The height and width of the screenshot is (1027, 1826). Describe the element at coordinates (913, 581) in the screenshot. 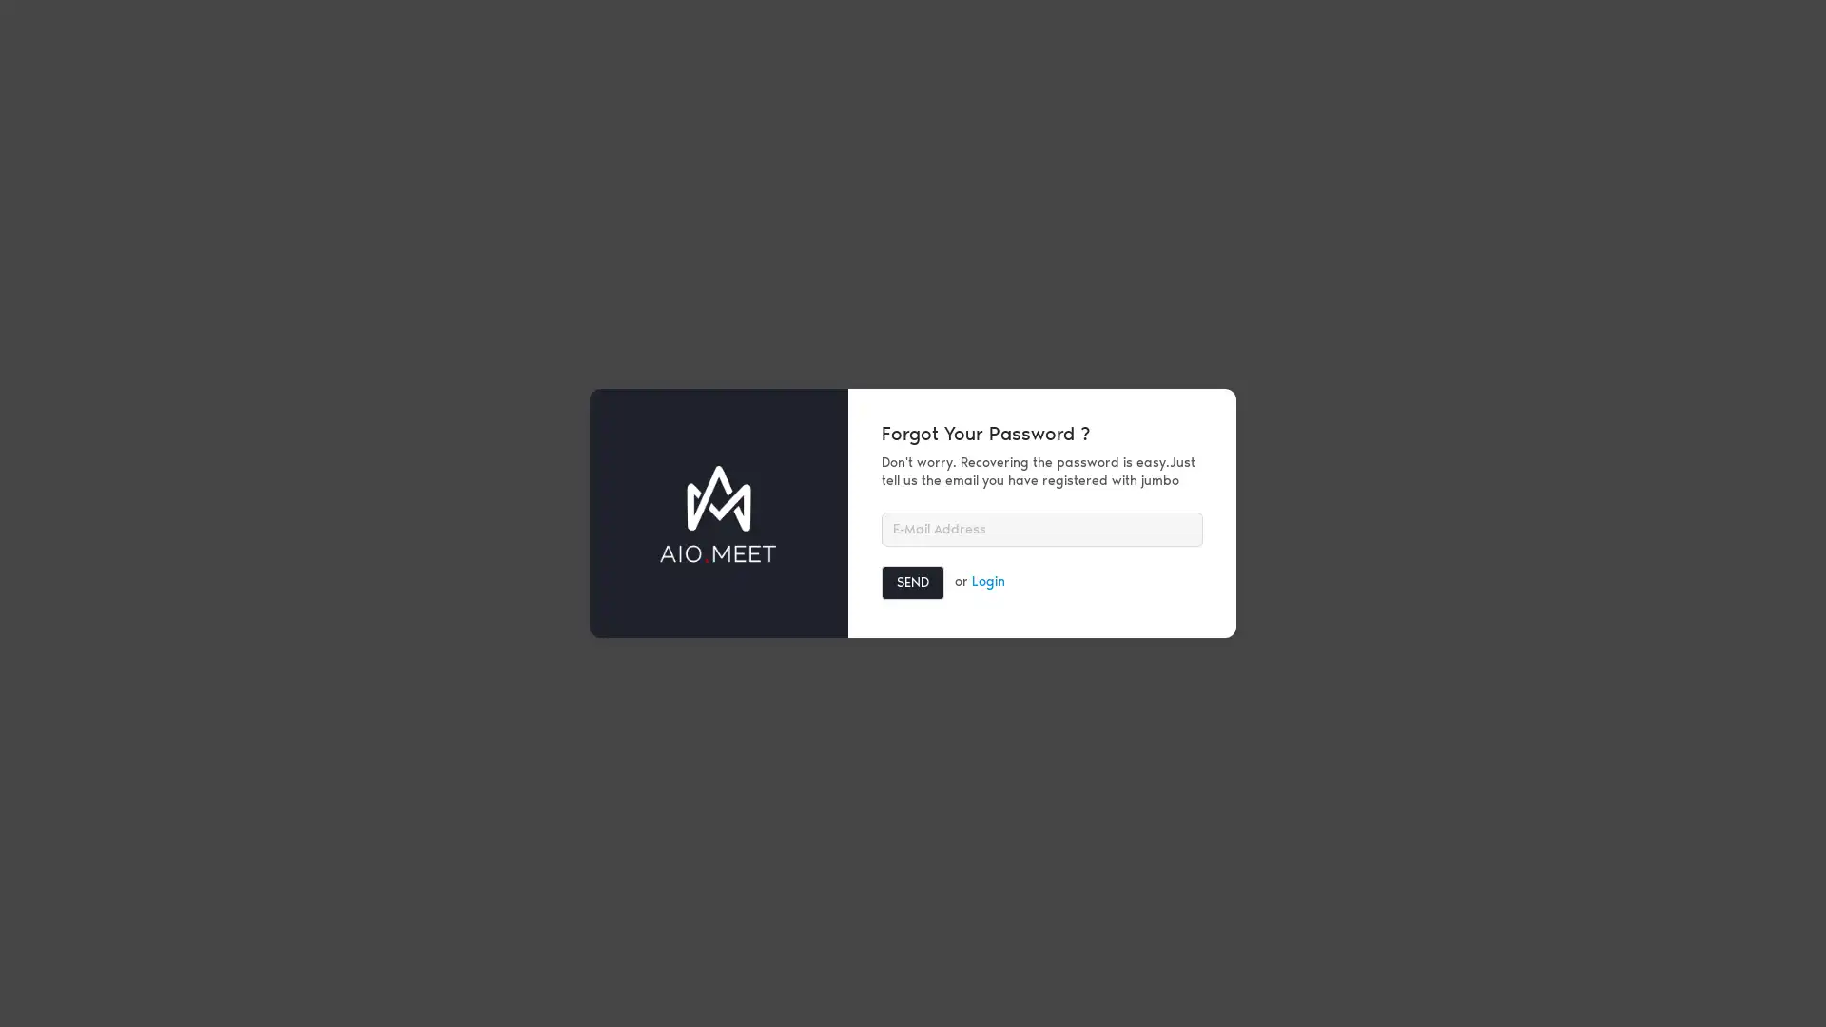

I see `SEND` at that location.